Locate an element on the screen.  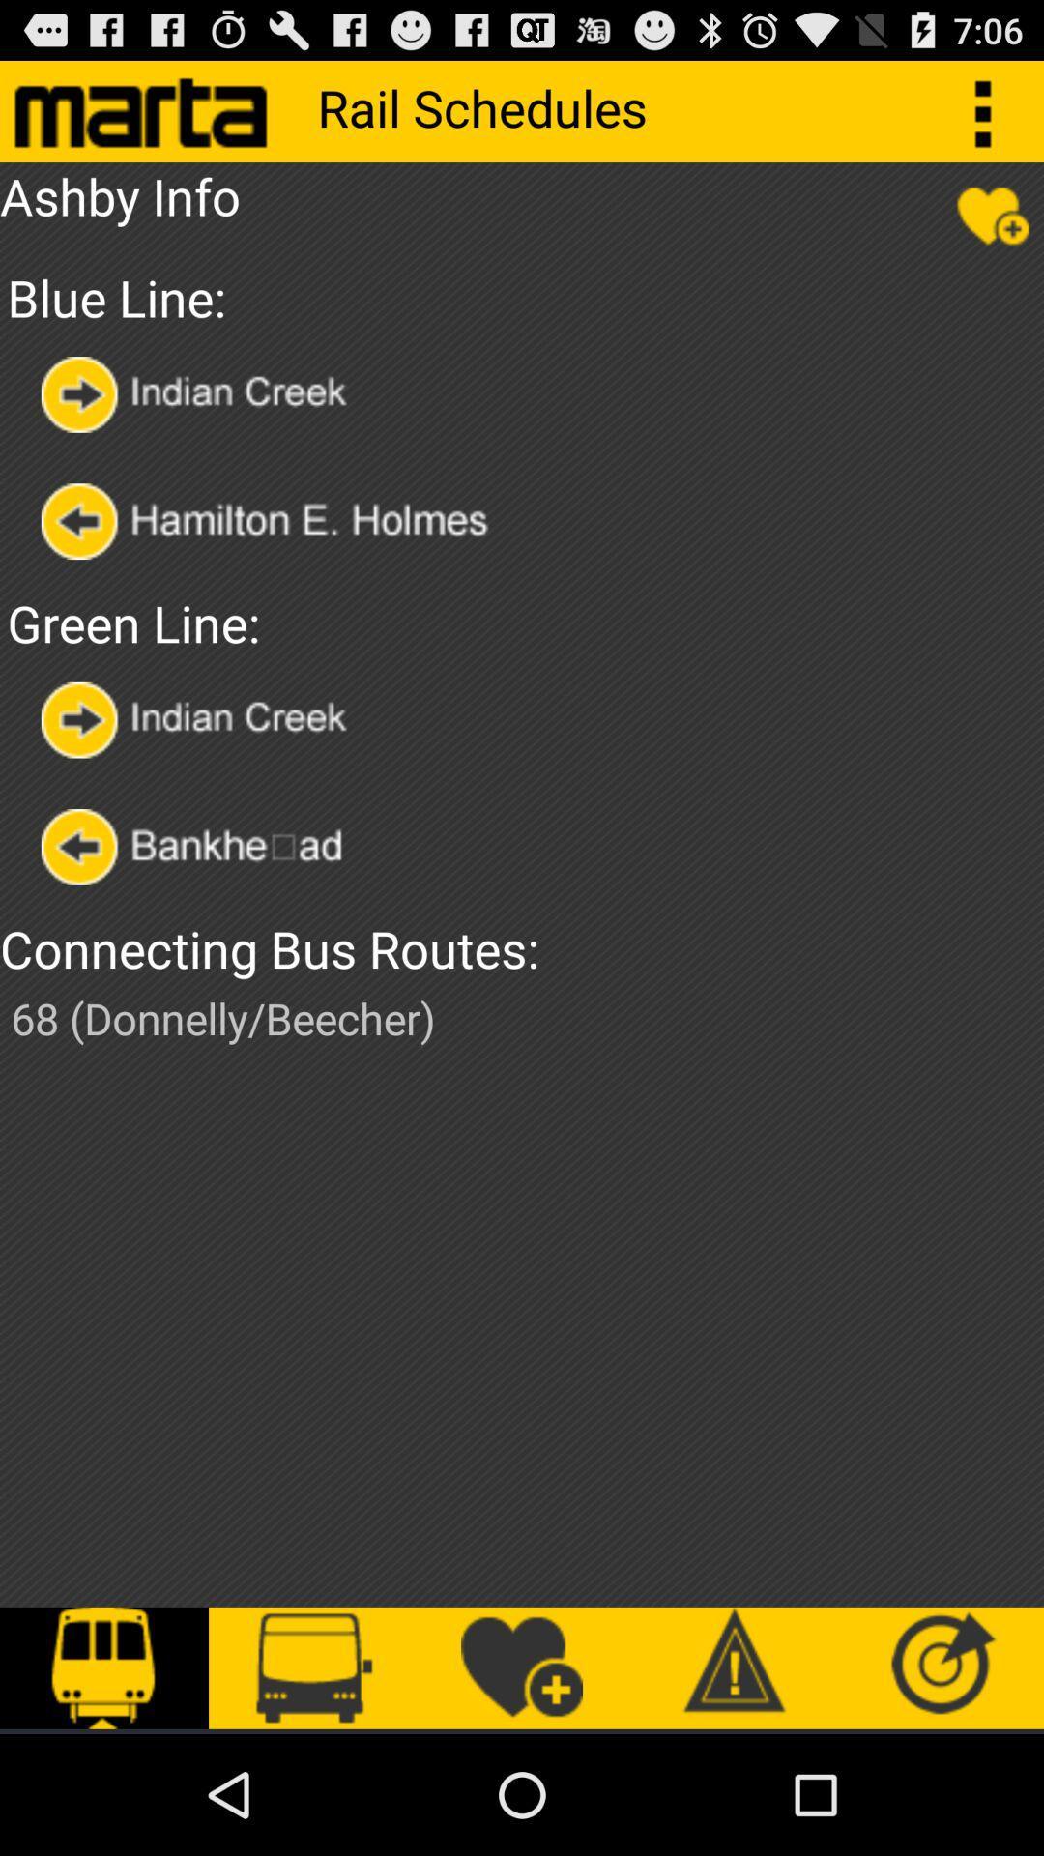
the favorite icon is located at coordinates (993, 227).